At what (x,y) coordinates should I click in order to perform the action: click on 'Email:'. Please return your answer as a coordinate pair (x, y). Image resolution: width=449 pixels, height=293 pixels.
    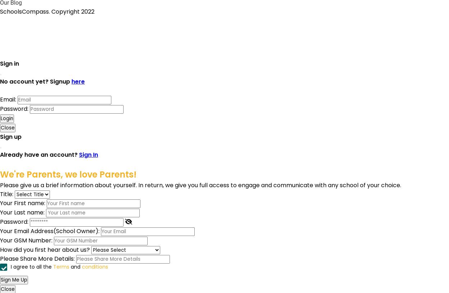
    Looking at the image, I should click on (8, 99).